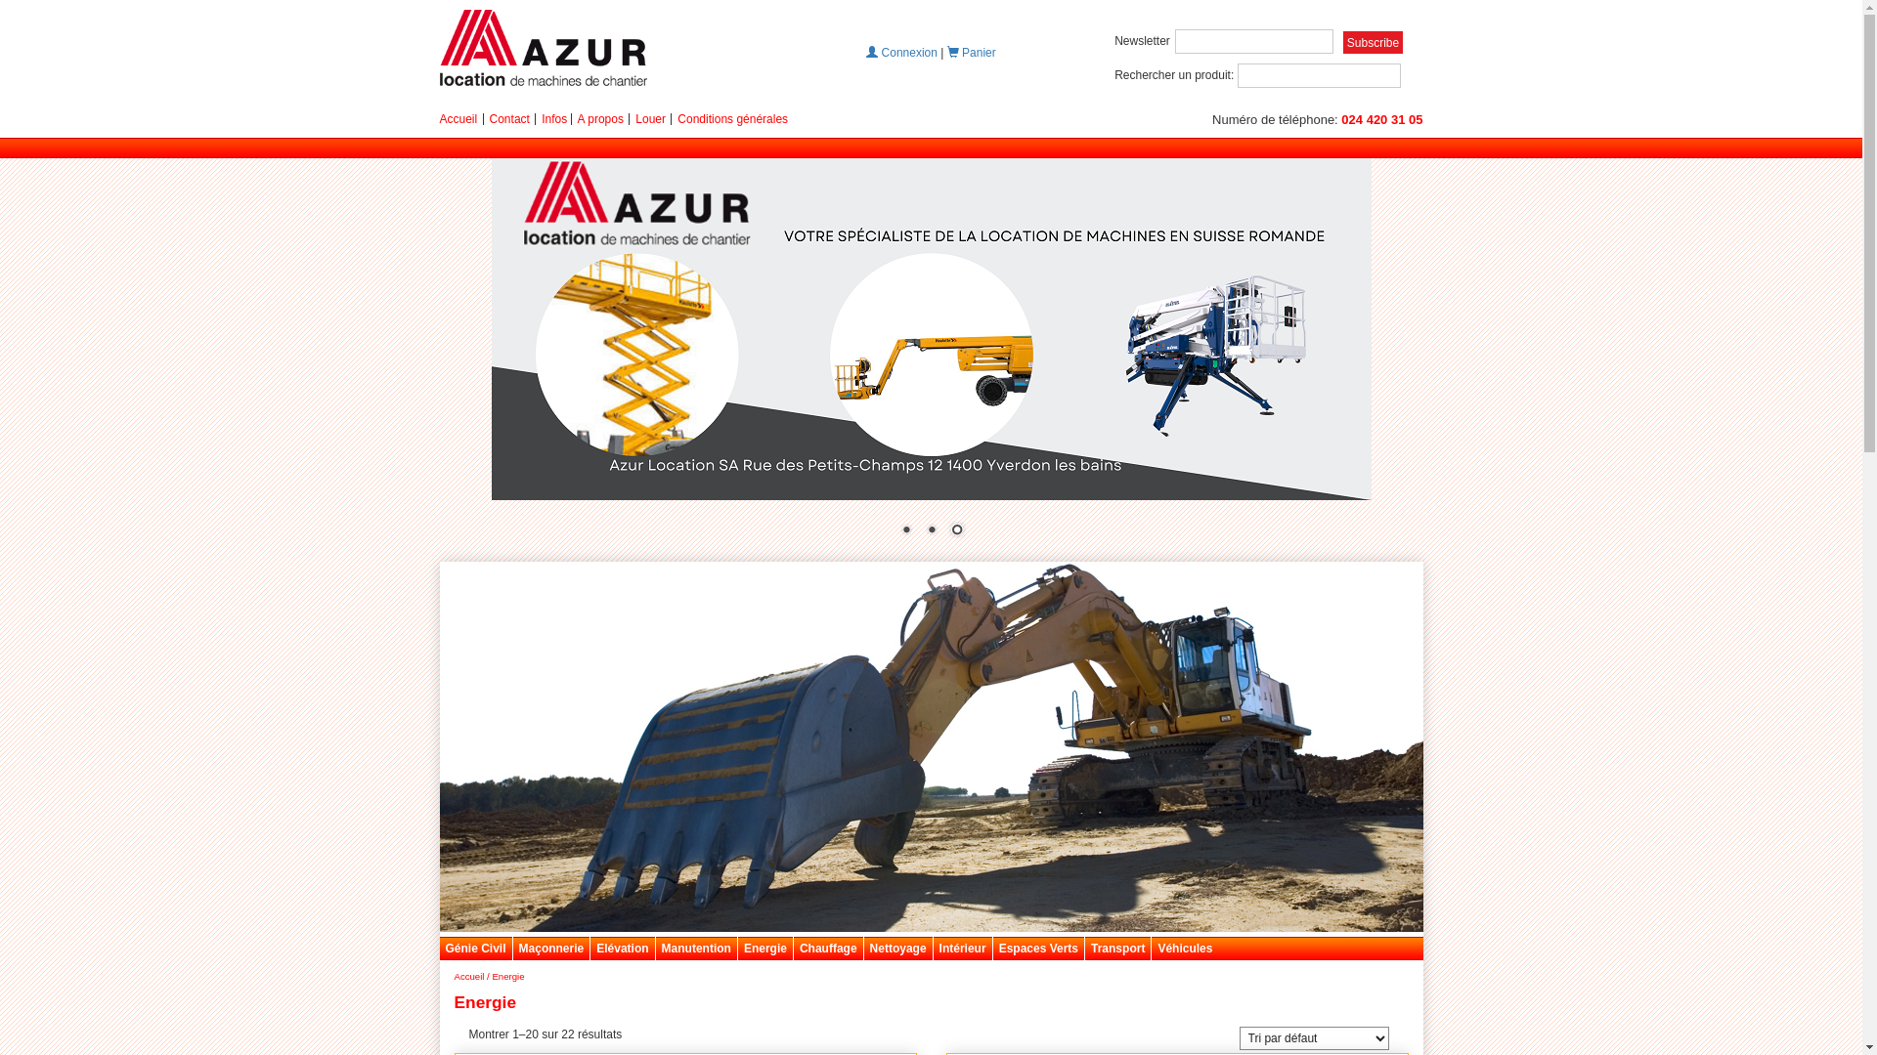 The height and width of the screenshot is (1055, 1877). Describe the element at coordinates (957, 531) in the screenshot. I see `'3'` at that location.